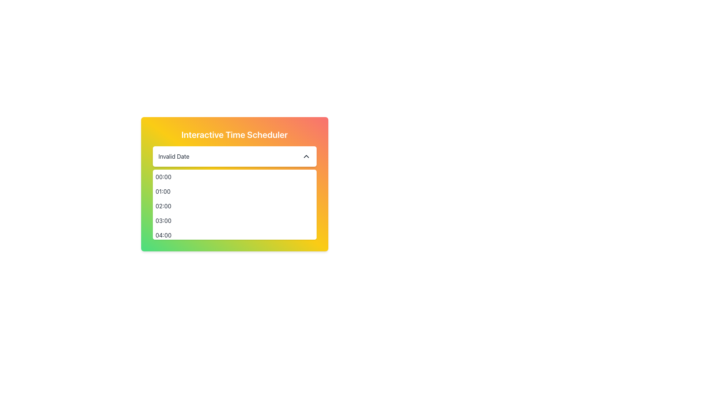 This screenshot has width=702, height=394. Describe the element at coordinates (234, 206) in the screenshot. I see `the selectable time option '02:00' in the dropdown menu` at that location.